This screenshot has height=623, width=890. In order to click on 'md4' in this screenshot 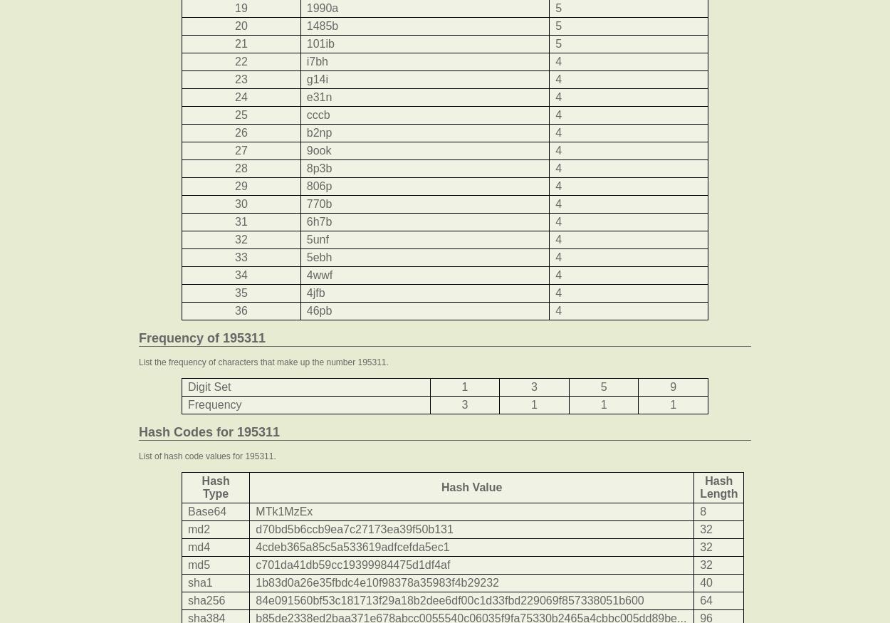, I will do `click(199, 546)`.